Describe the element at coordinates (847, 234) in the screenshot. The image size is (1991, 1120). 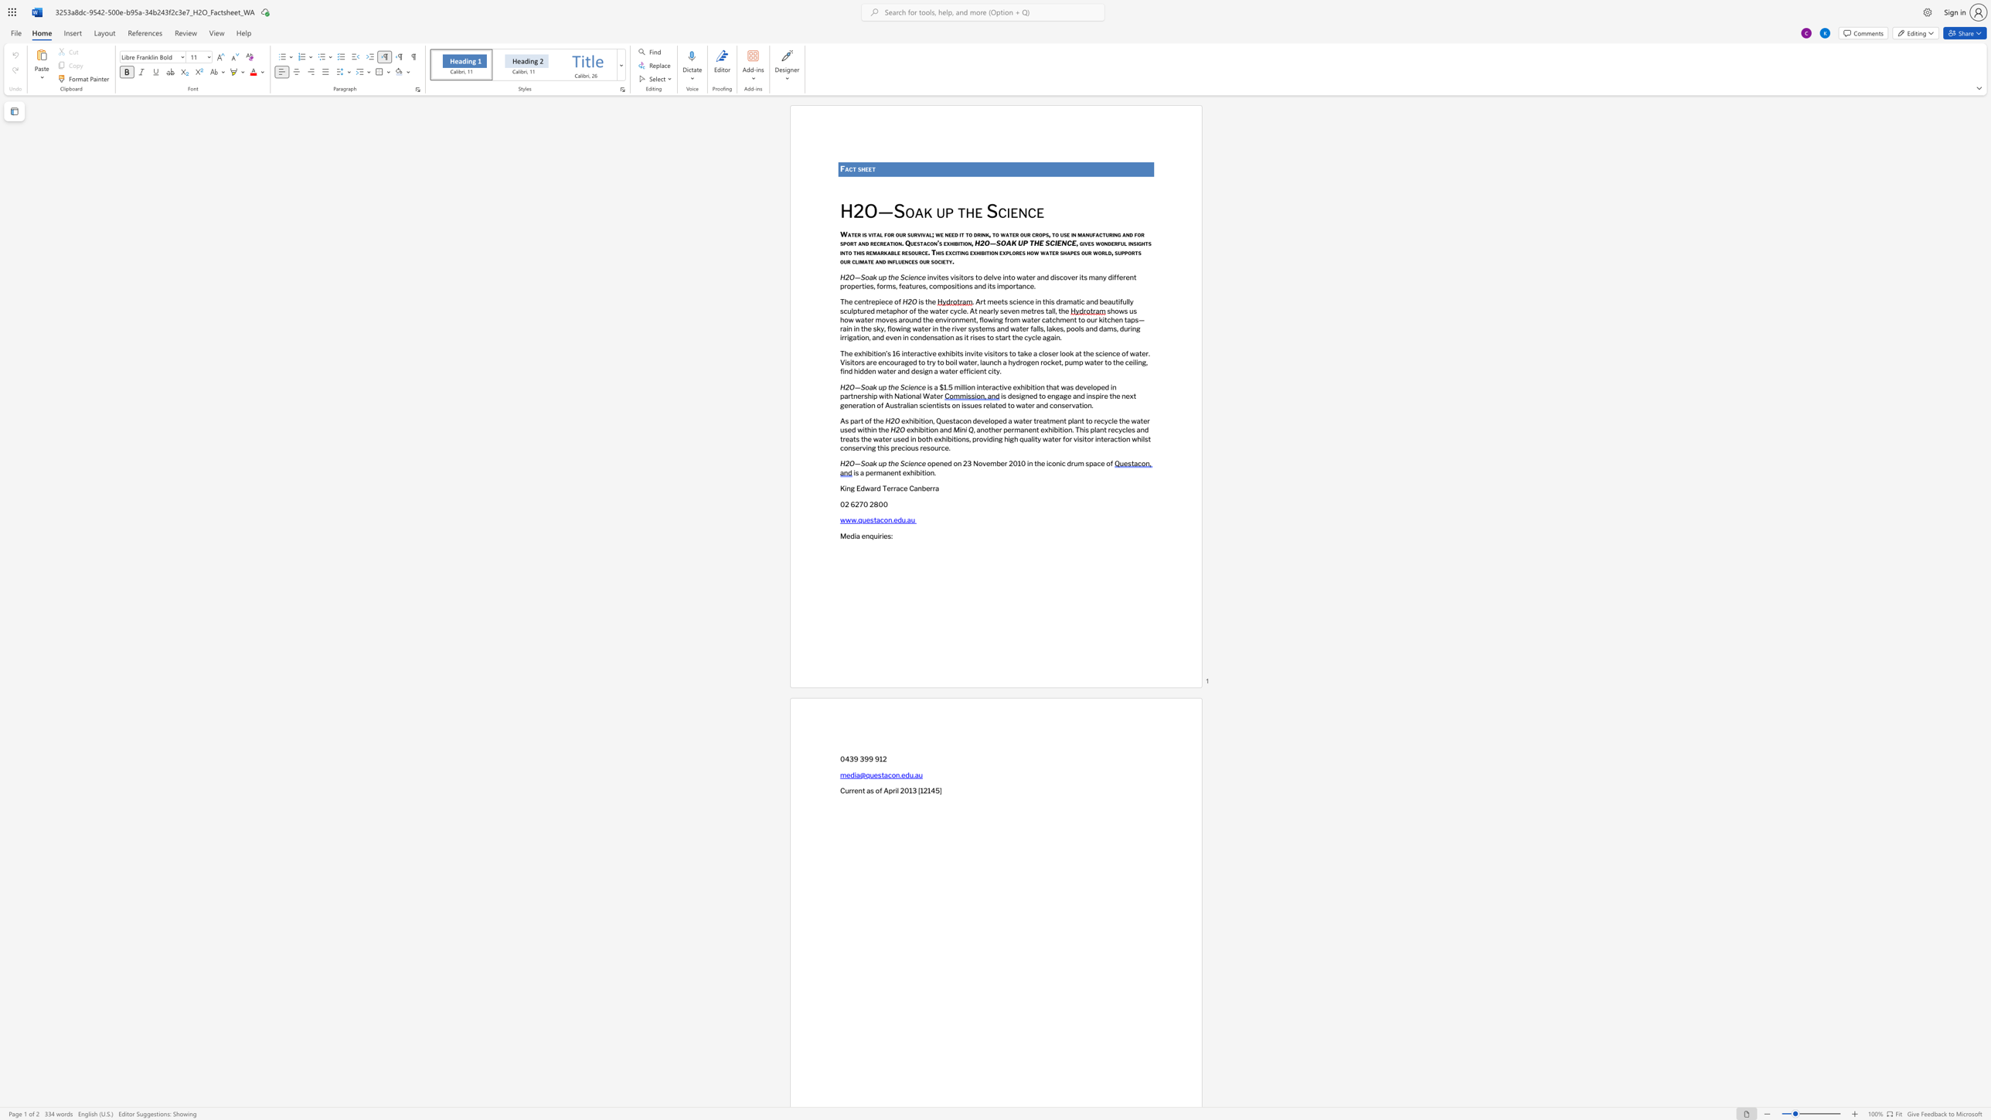
I see `the subset text "ater is vital for our survival; we need it to drink, to water our crops, to use in manufacturing and for sport" within the text "Water is vital for our survival; we need it to drink, to water our crops, to use in manufacturing and for sport and recreation. Questacon’s exhibition,"` at that location.